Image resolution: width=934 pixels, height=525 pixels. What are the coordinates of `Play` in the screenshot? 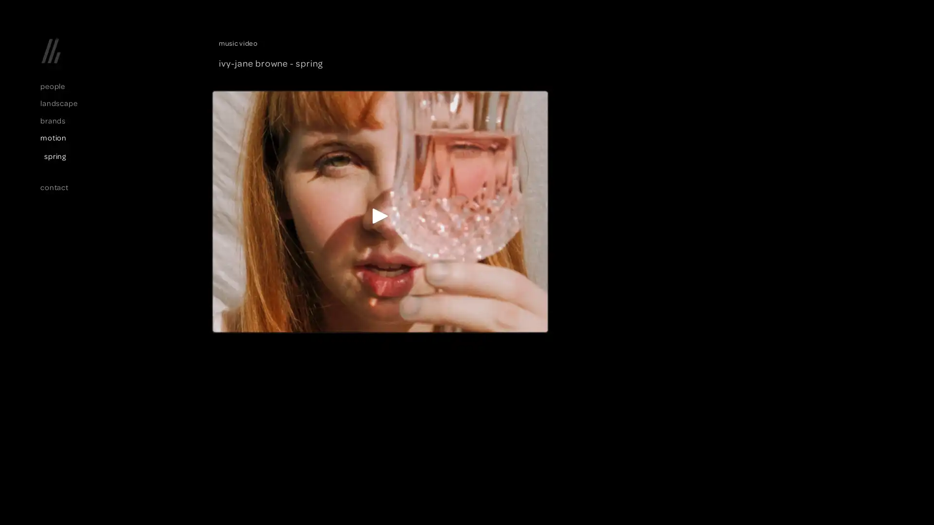 It's located at (379, 215).